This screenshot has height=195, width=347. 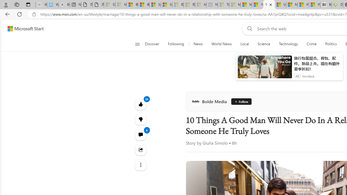 What do you see at coordinates (25, 28) in the screenshot?
I see `'Microsoft Start'` at bounding box center [25, 28].